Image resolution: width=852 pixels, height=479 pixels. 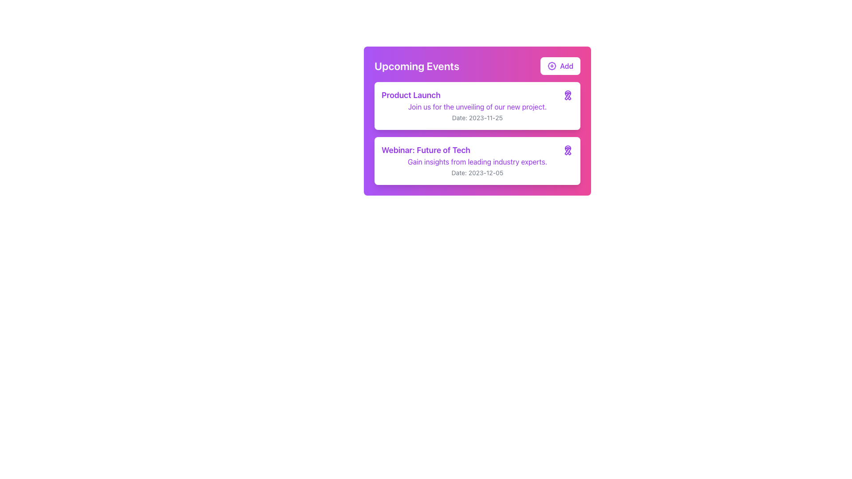 What do you see at coordinates (552, 66) in the screenshot?
I see `the circular 'Add' icon with a purple outline and plus sign located in the top-right corner of the section` at bounding box center [552, 66].